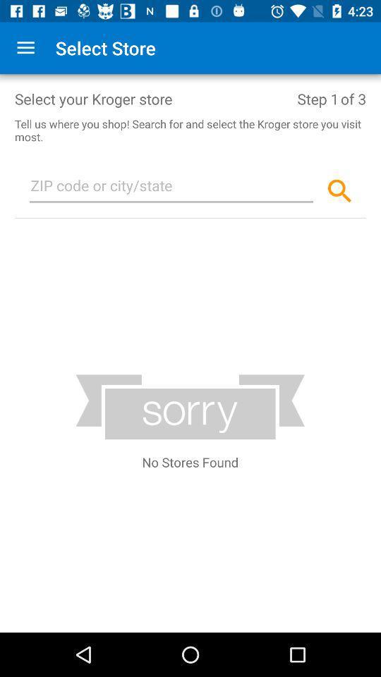 Image resolution: width=381 pixels, height=677 pixels. Describe the element at coordinates (339, 190) in the screenshot. I see `the search icon` at that location.